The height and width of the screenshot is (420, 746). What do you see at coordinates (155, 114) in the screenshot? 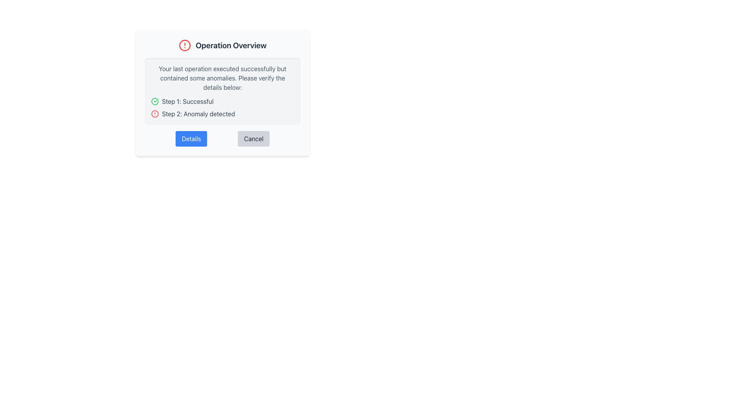
I see `the SVG icon that indicates an alert or warning next to the text 'Step 2: Anomaly detected' in the lower part of the modal` at bounding box center [155, 114].